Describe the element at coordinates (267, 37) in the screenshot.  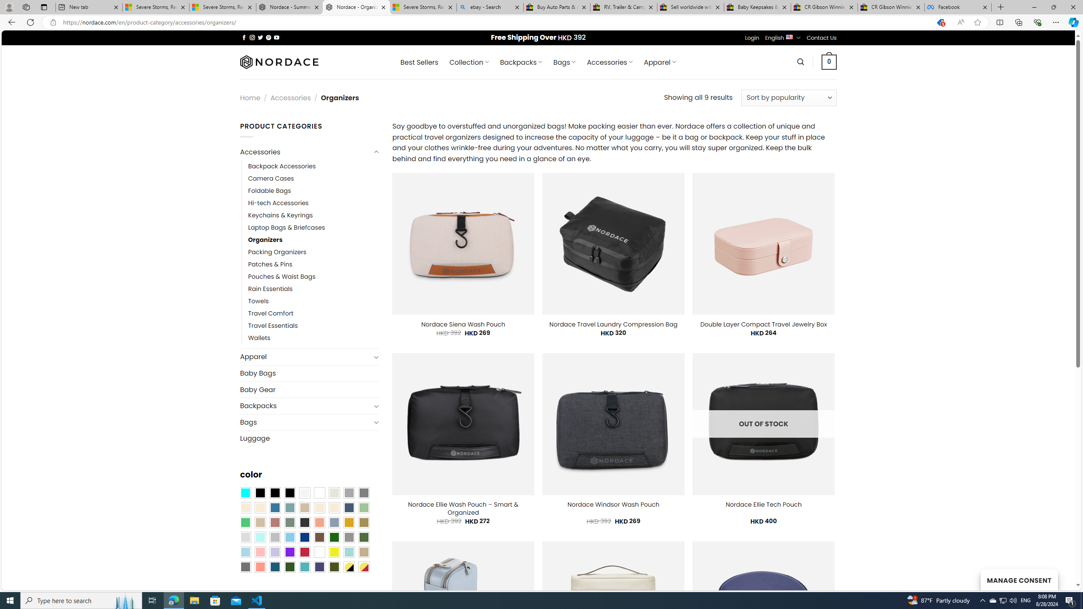
I see `'Follow on Pinterest'` at that location.